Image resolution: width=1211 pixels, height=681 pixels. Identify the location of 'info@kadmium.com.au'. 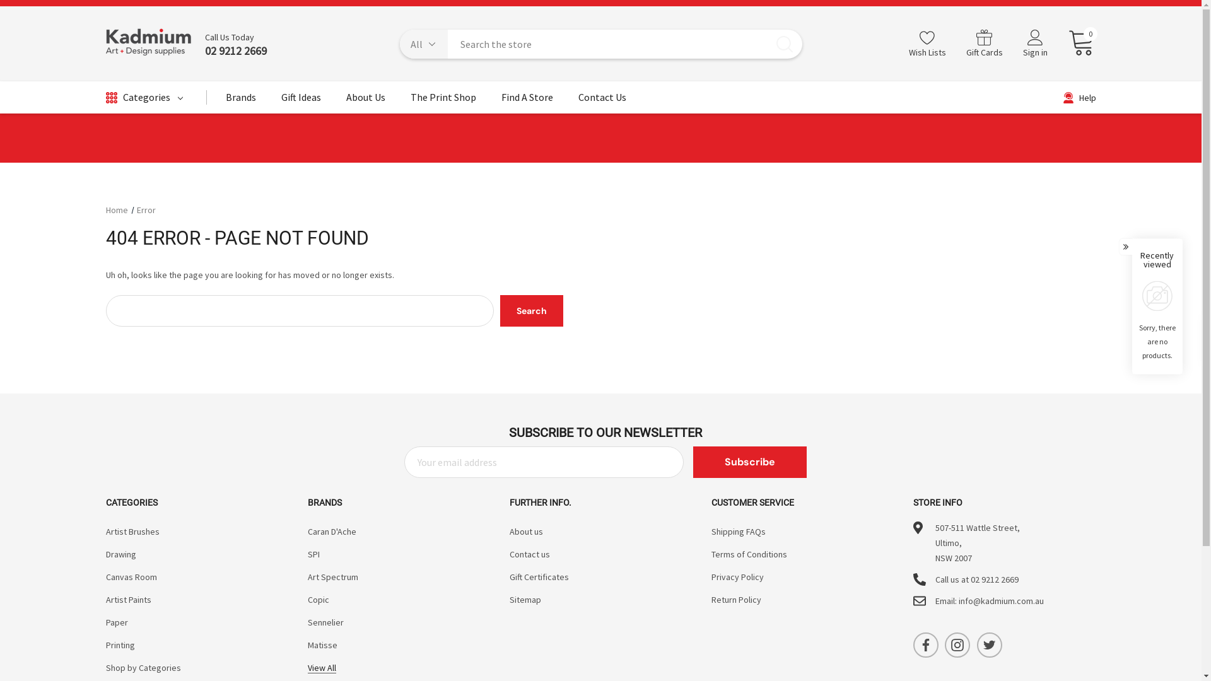
(1000, 600).